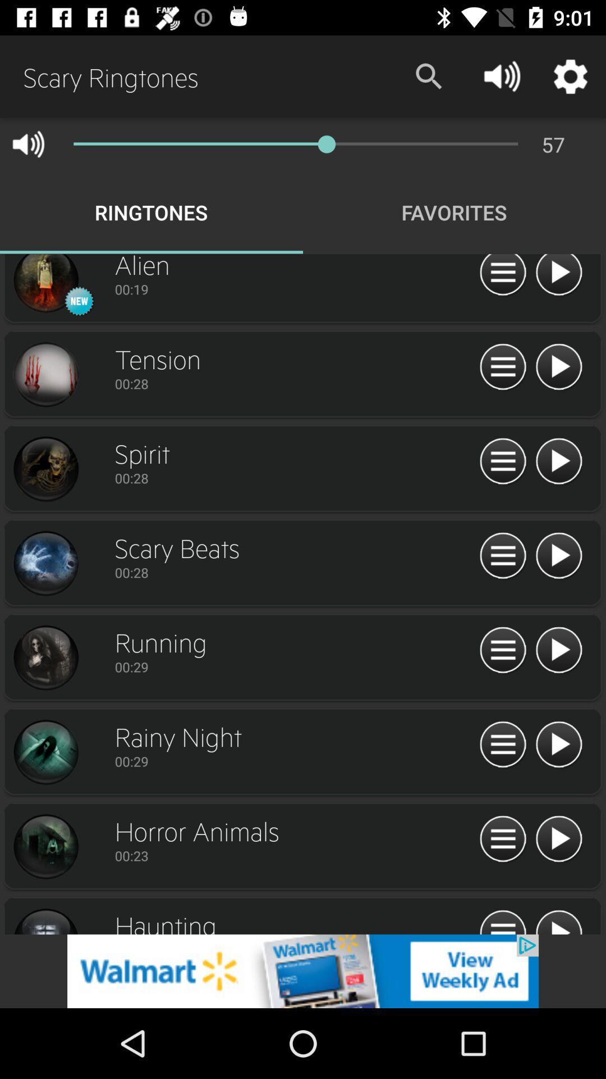  Describe the element at coordinates (502, 650) in the screenshot. I see `open ringtone` at that location.